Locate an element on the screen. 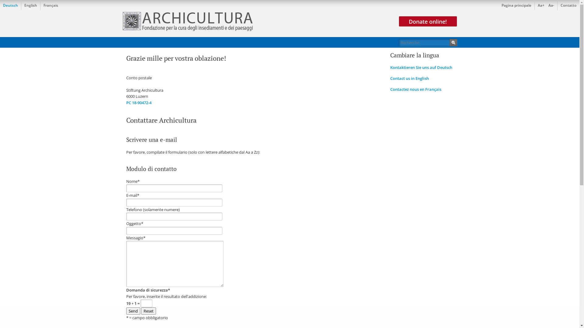 Image resolution: width=584 pixels, height=328 pixels. 'Contatto' is located at coordinates (568, 5).